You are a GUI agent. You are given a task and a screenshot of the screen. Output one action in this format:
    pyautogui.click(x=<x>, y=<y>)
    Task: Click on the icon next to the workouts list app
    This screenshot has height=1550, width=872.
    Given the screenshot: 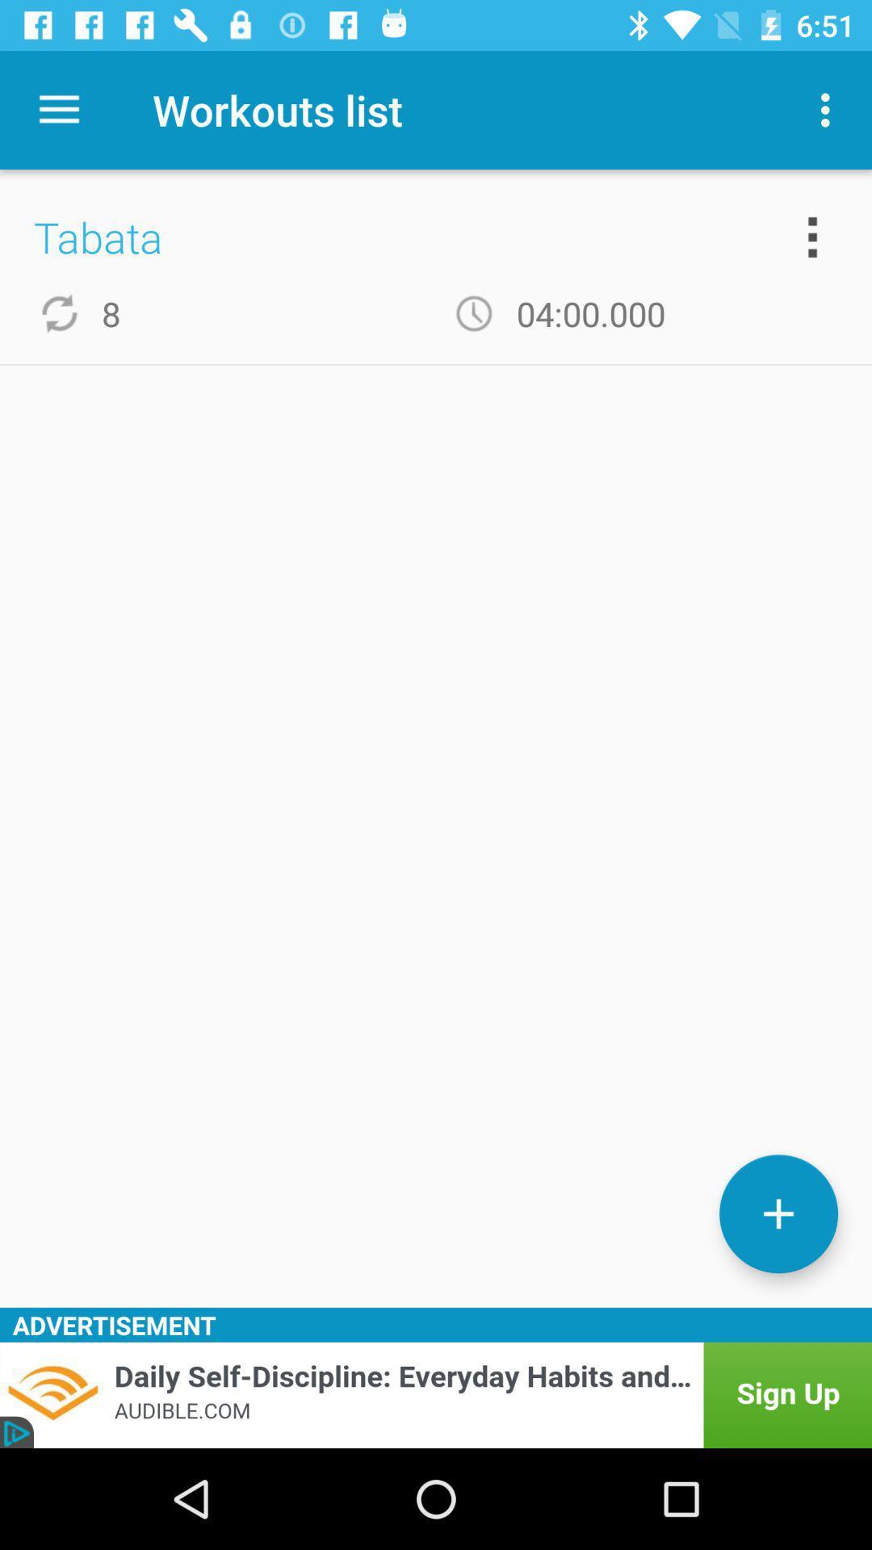 What is the action you would take?
    pyautogui.click(x=58, y=109)
    